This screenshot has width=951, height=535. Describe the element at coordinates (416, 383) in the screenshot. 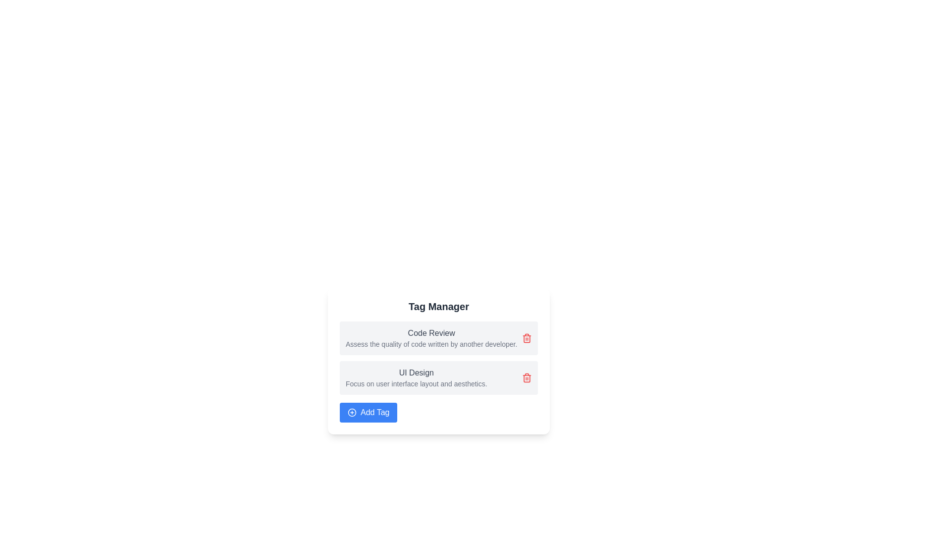

I see `the descriptive text label 'Focus on user interface layout and aesthetics.' which is styled in a smaller font size and muted gray color, located beneath the title 'UI Design'` at that location.